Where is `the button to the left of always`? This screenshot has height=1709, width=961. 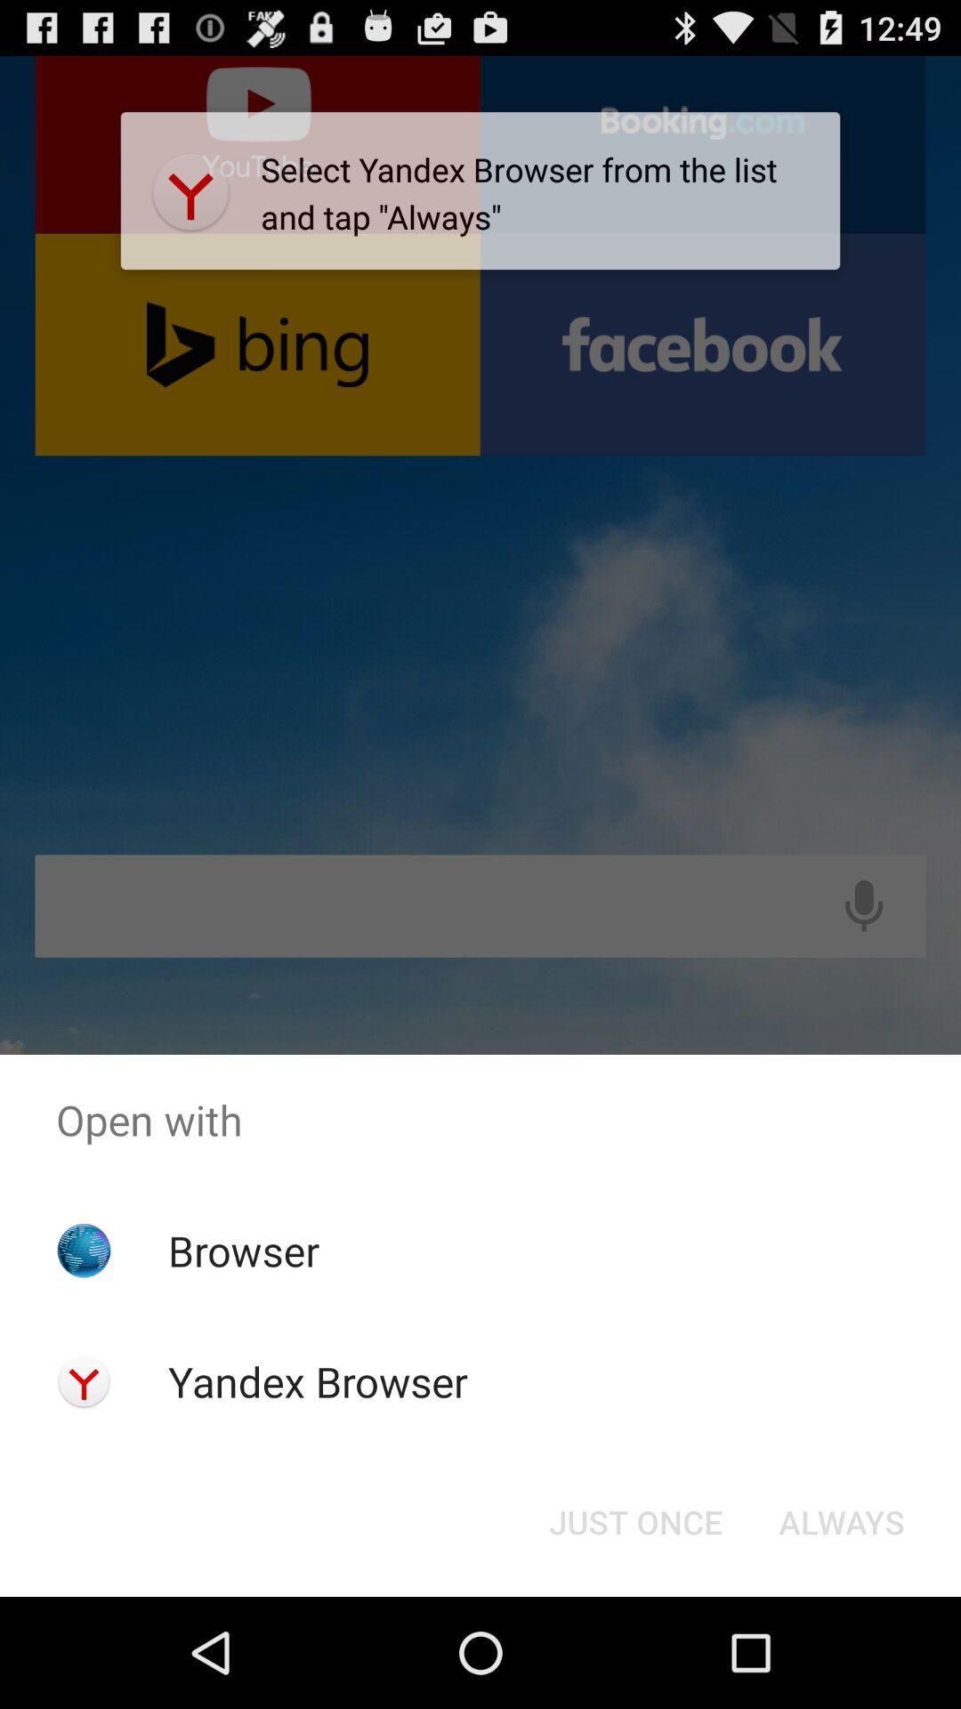
the button to the left of always is located at coordinates (634, 1520).